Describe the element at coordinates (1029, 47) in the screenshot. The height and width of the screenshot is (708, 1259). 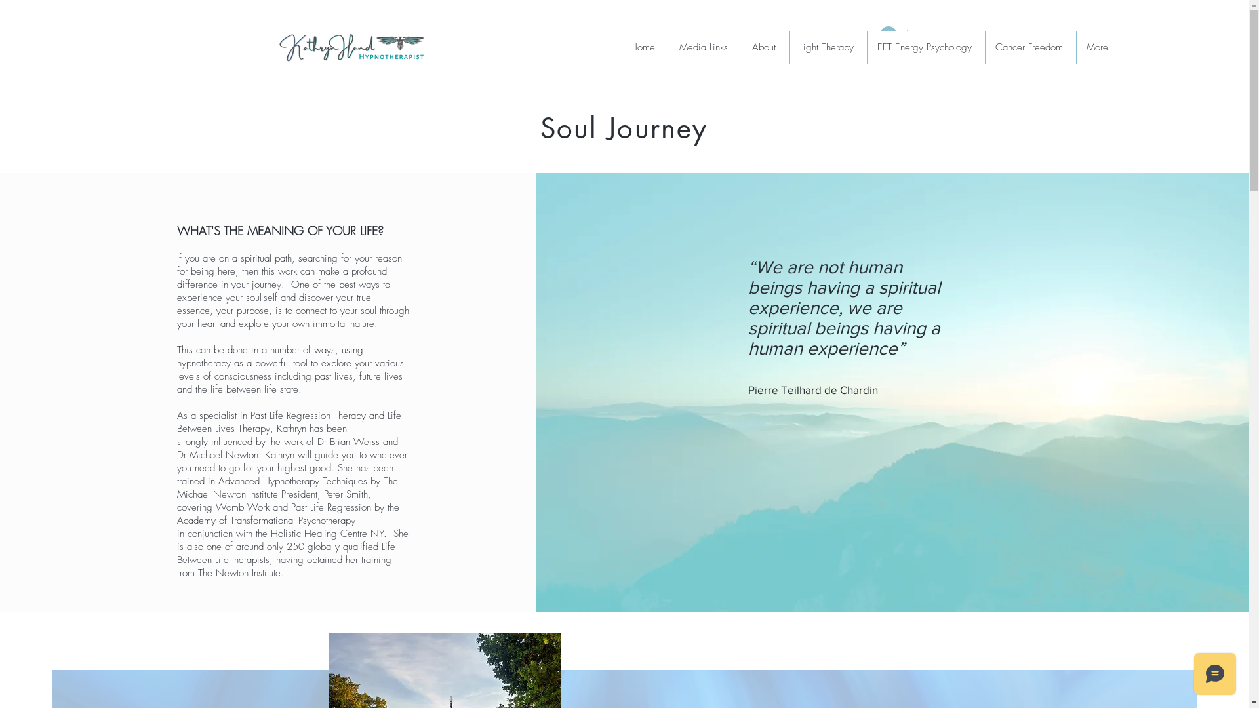
I see `'Cancer Freedom'` at that location.